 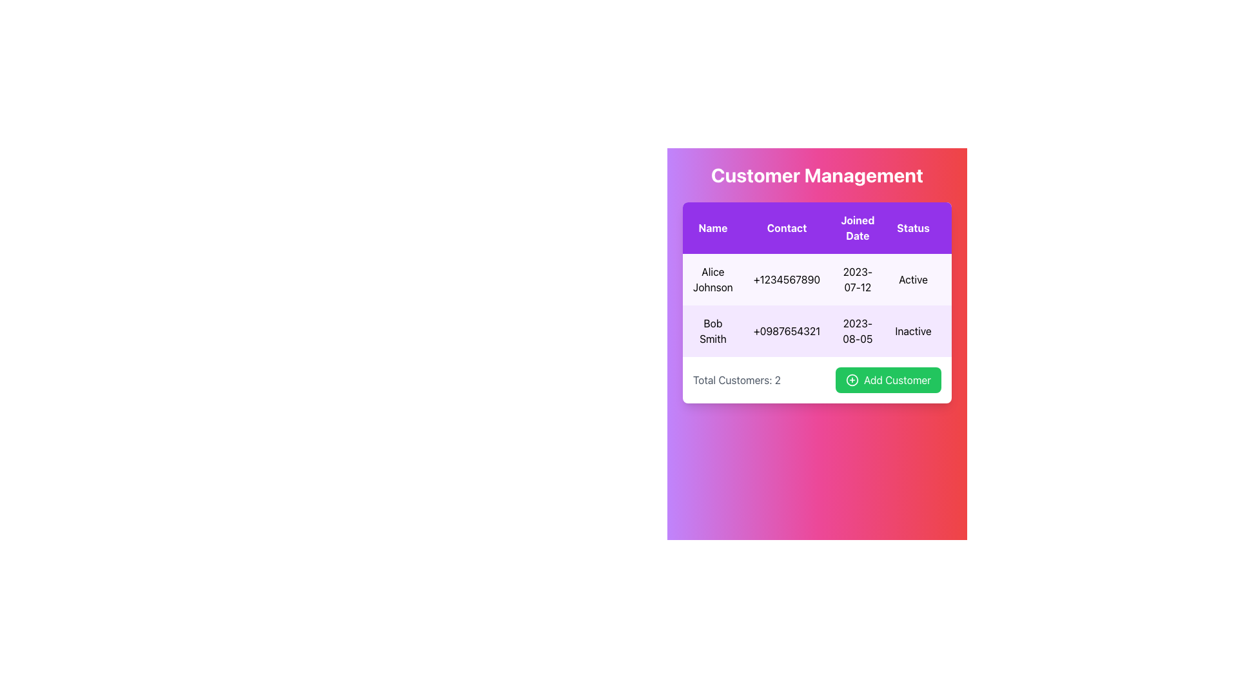 What do you see at coordinates (887, 380) in the screenshot?
I see `the 'Add Customer' button with a green background and white text to observe the style changes` at bounding box center [887, 380].